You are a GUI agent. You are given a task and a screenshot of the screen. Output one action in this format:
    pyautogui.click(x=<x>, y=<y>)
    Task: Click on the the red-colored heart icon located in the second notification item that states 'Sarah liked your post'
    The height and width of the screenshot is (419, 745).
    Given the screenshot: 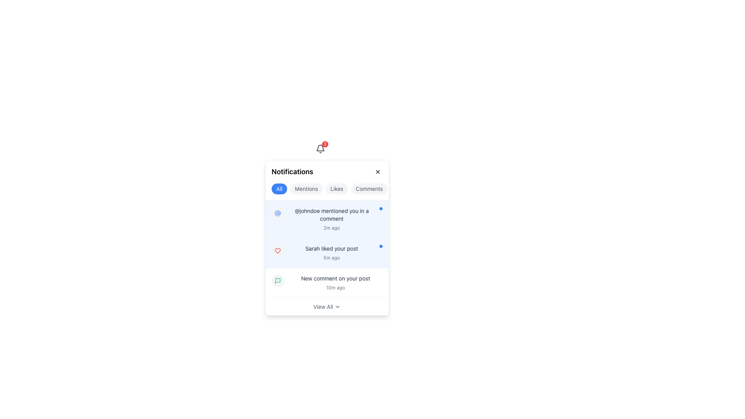 What is the action you would take?
    pyautogui.click(x=277, y=251)
    